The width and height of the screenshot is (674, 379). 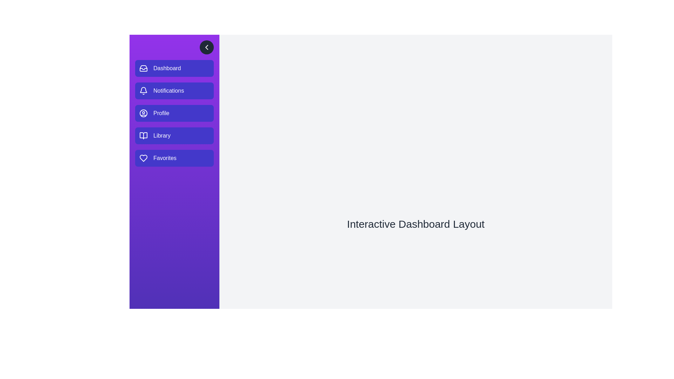 I want to click on the menu item labeled Dashboard, so click(x=174, y=68).